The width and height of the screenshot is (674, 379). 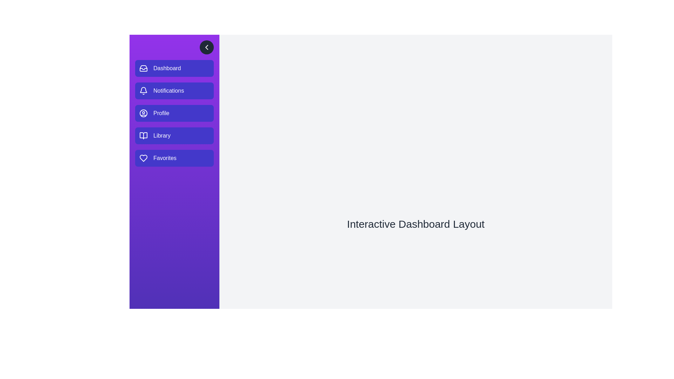 I want to click on the menu item labeled Dashboard, so click(x=174, y=68).